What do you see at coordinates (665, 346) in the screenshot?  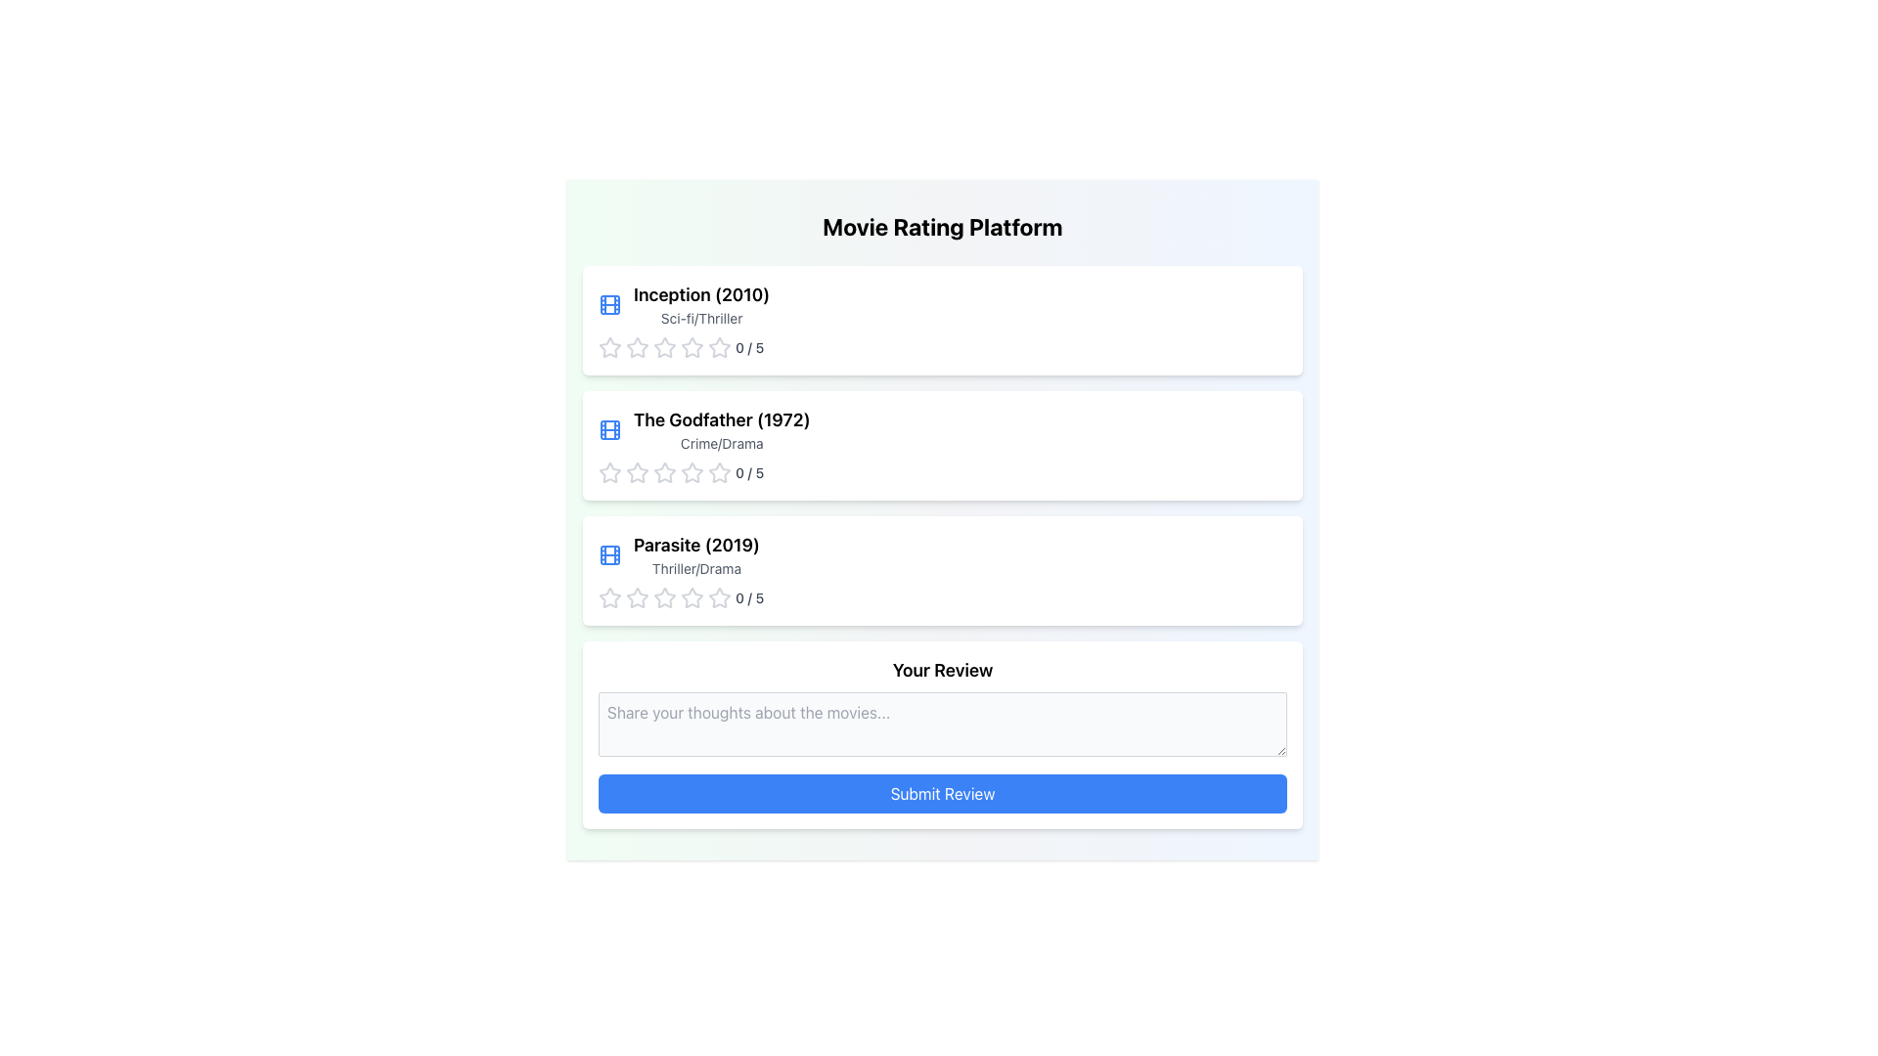 I see `the fourth rating star icon located below the movie title 'Inception (2010)' for a visual cue` at bounding box center [665, 346].